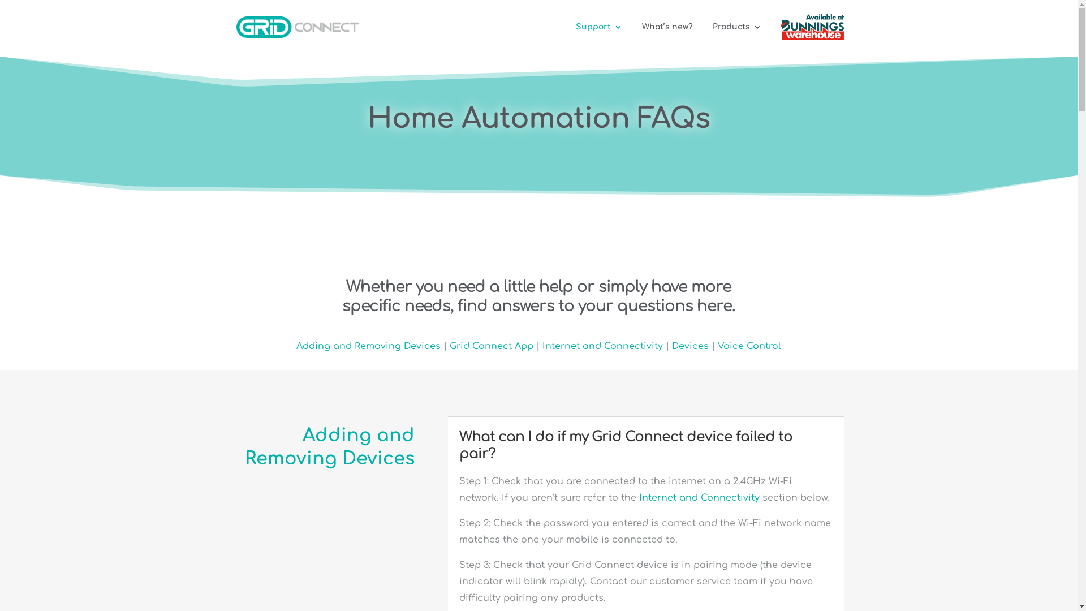  Describe the element at coordinates (736, 33) in the screenshot. I see `'Products'` at that location.